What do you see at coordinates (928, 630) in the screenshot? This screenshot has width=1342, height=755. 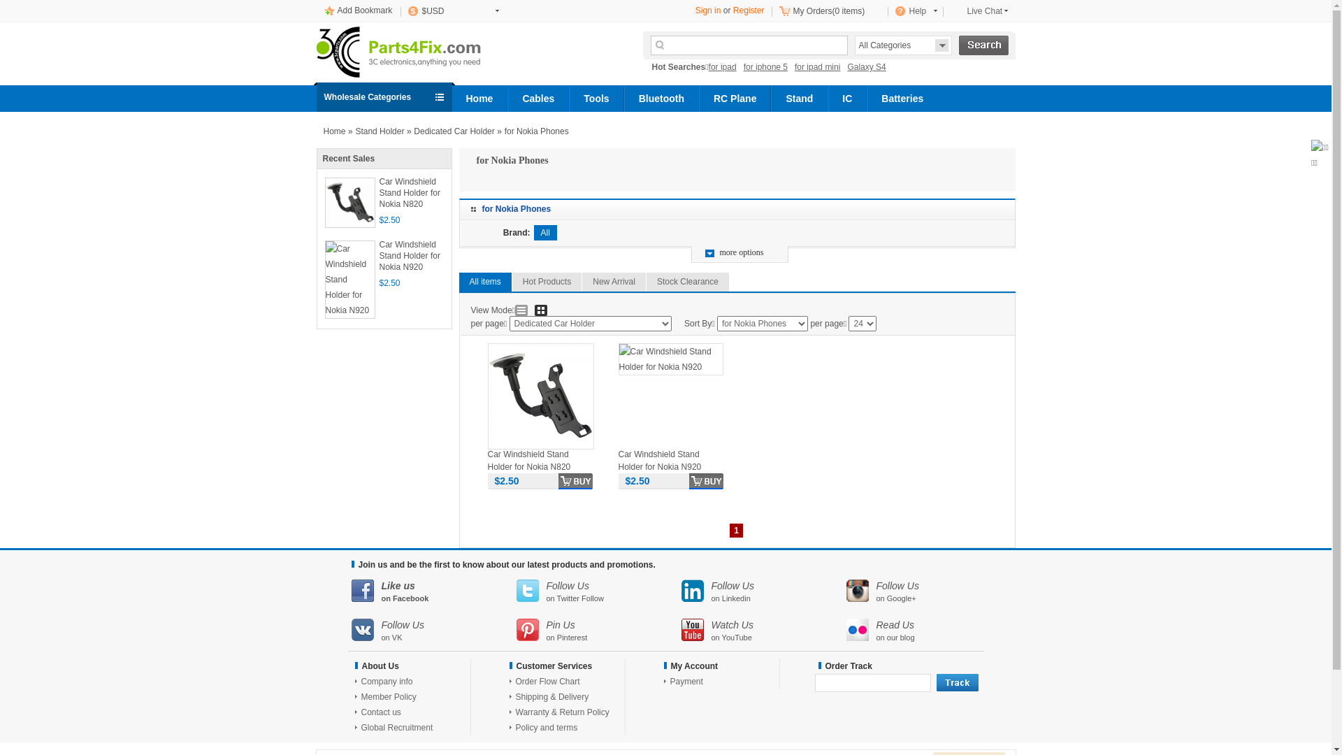 I see `'Read Us` at bounding box center [928, 630].